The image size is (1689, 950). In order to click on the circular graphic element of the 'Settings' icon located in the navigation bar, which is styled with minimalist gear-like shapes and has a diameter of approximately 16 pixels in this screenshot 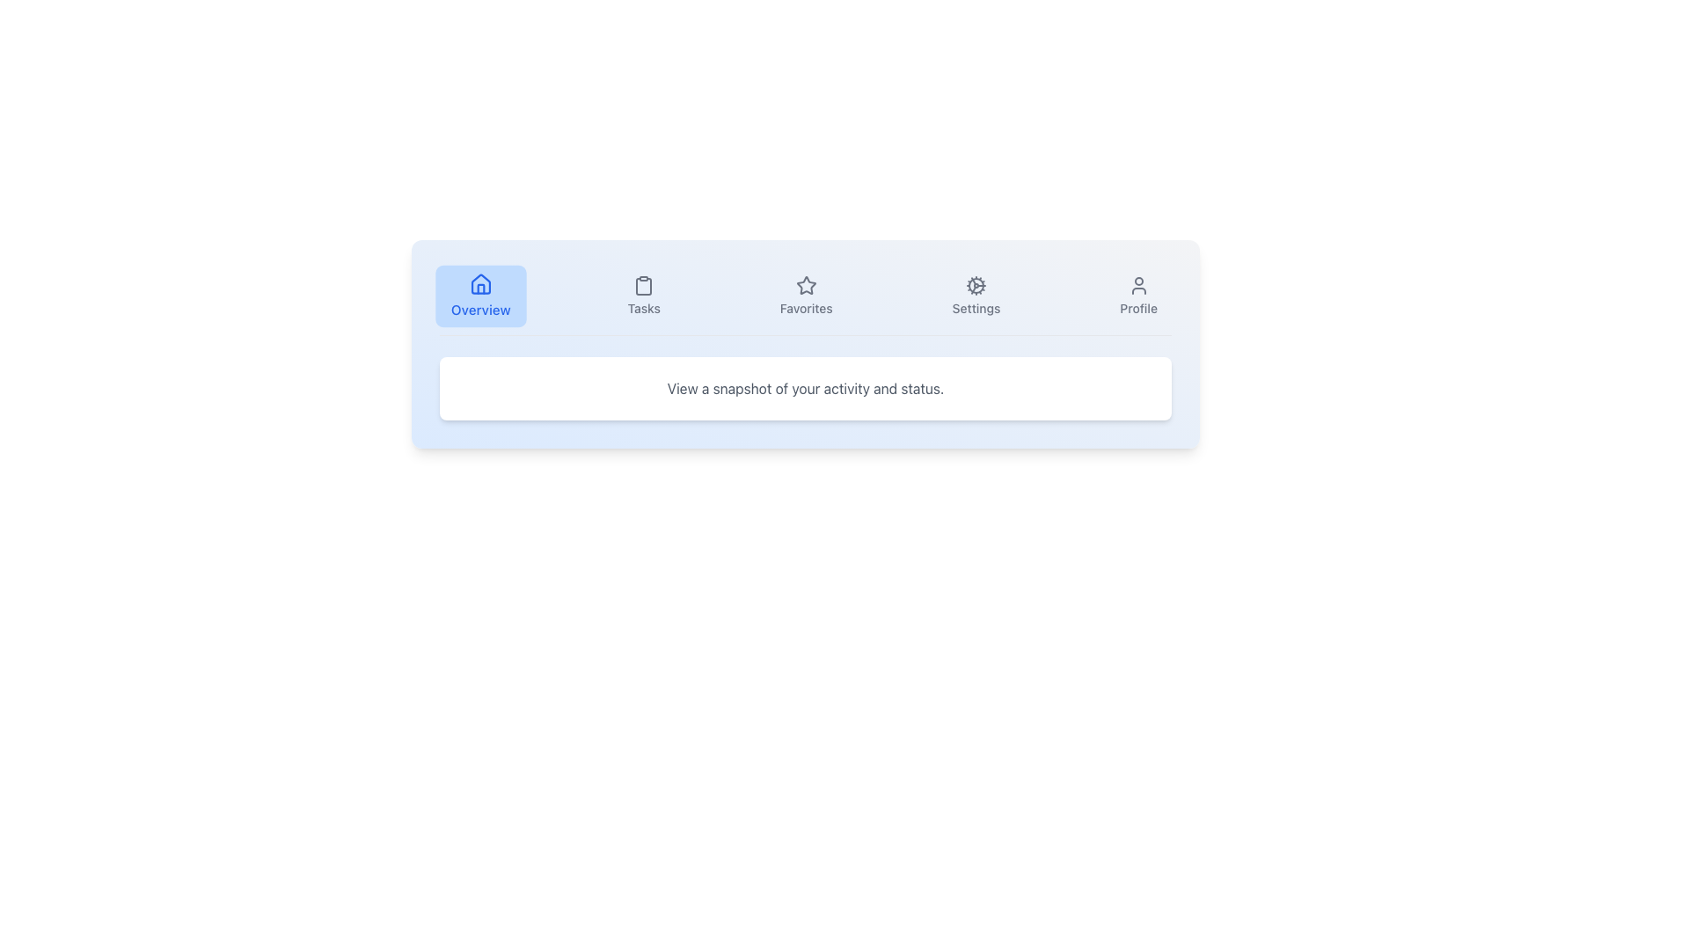, I will do `click(976, 284)`.